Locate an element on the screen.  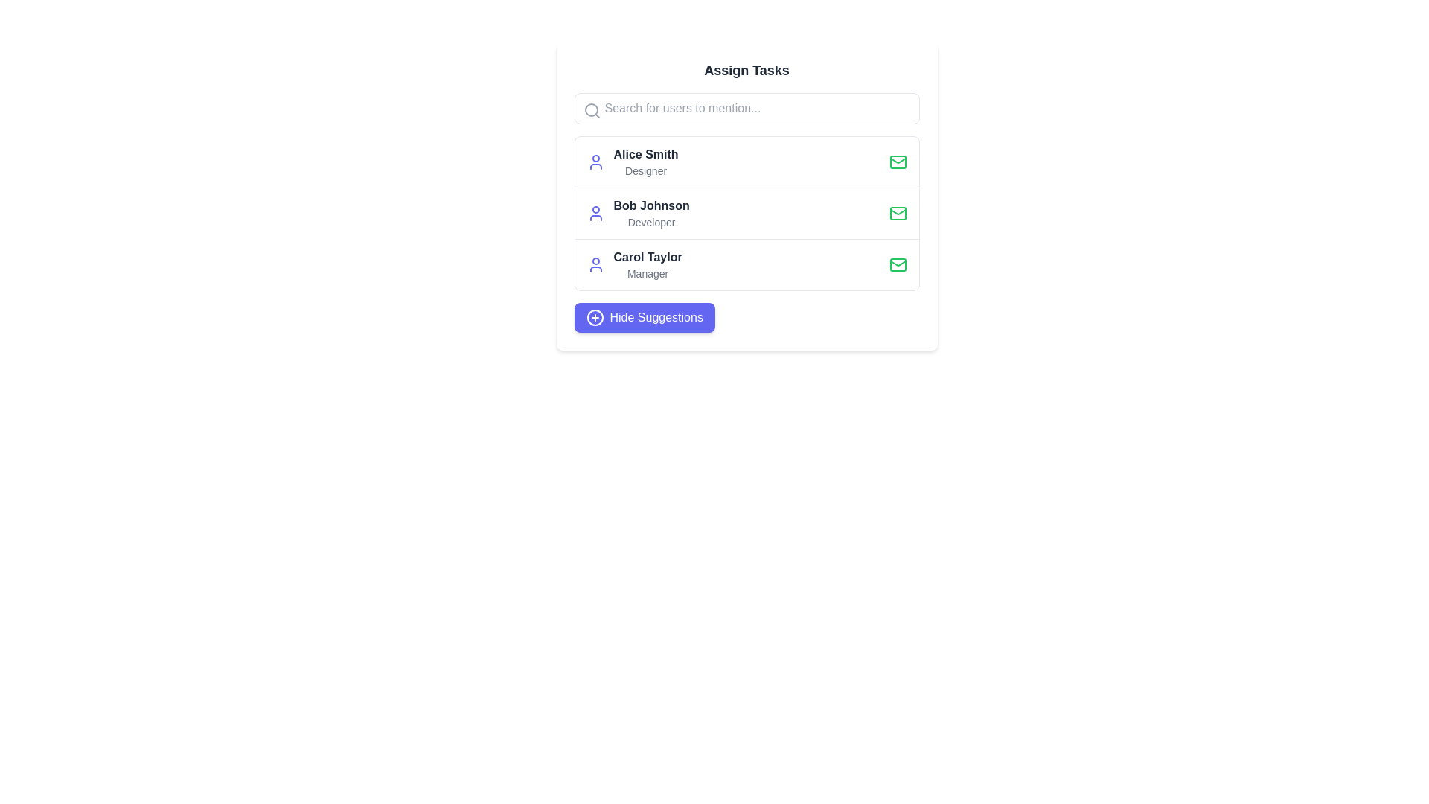
the User list item component representing 'Carol Taylor, Manager' by moving the cursor to its center point is located at coordinates (747, 264).